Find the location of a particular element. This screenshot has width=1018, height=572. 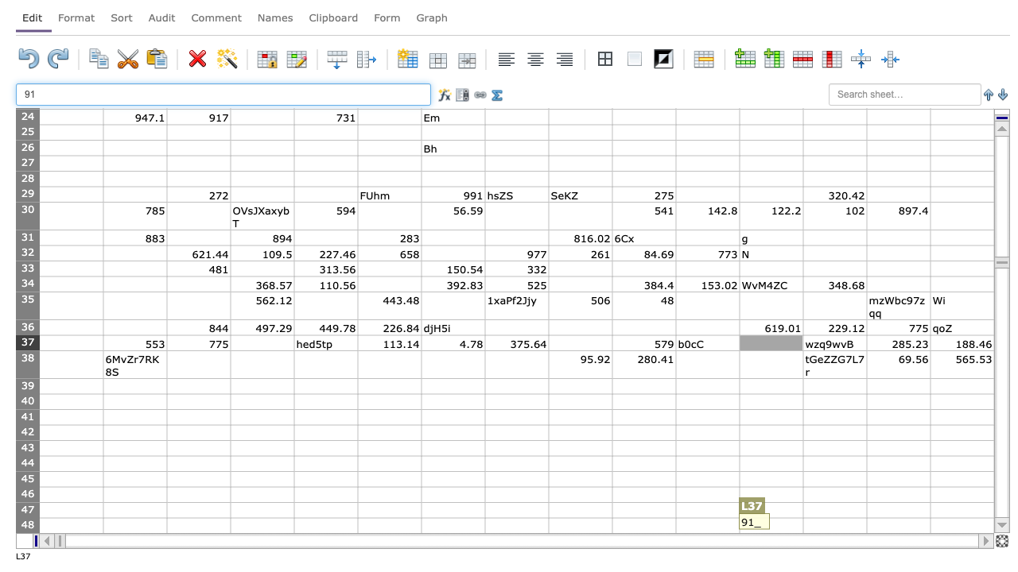

left edge of M48 is located at coordinates (803, 525).